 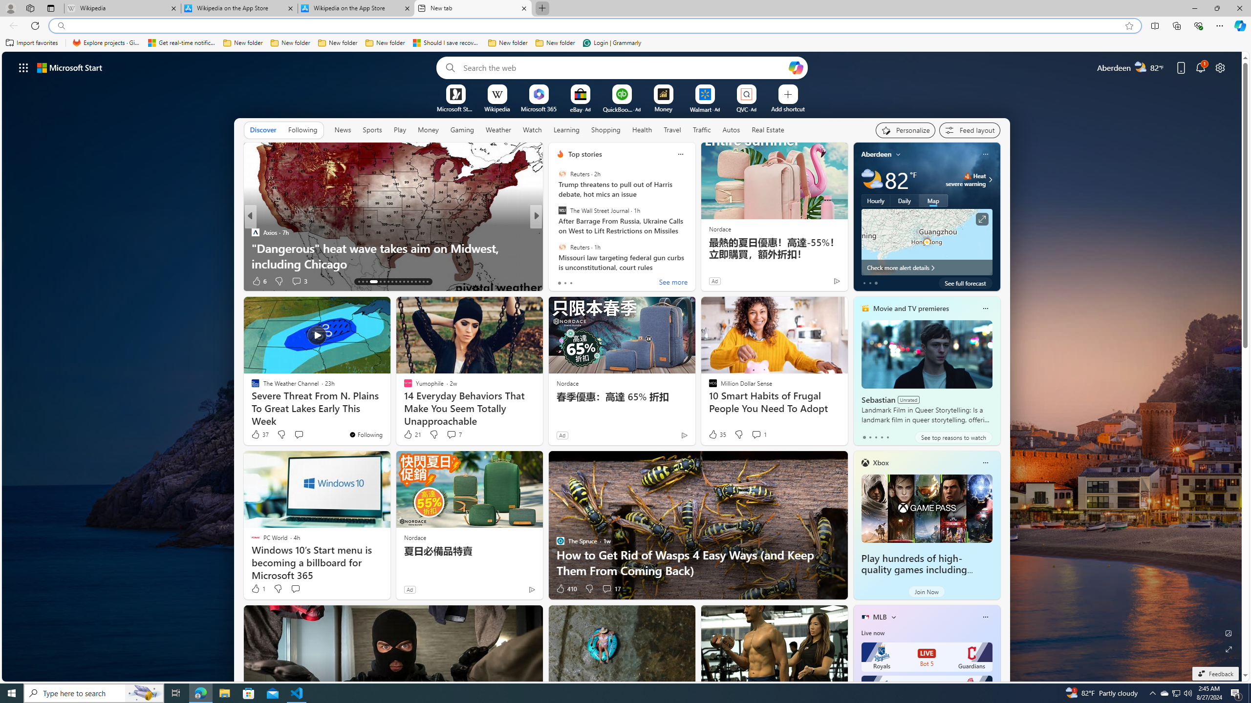 What do you see at coordinates (693, 264) in the screenshot?
I see `'14 Quiet Ways People Get Revenge'` at bounding box center [693, 264].